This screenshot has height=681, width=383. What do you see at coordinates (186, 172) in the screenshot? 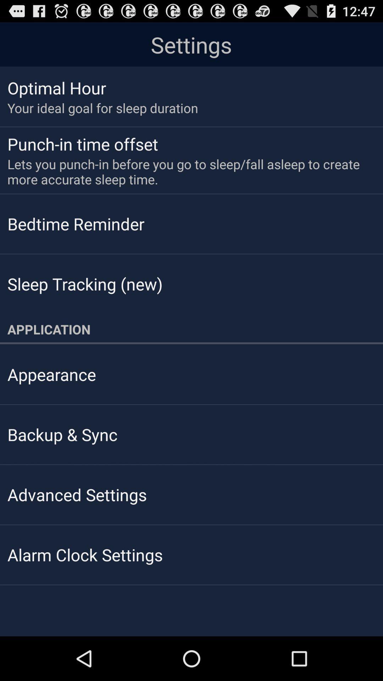
I see `the icon below the punch in time icon` at bounding box center [186, 172].